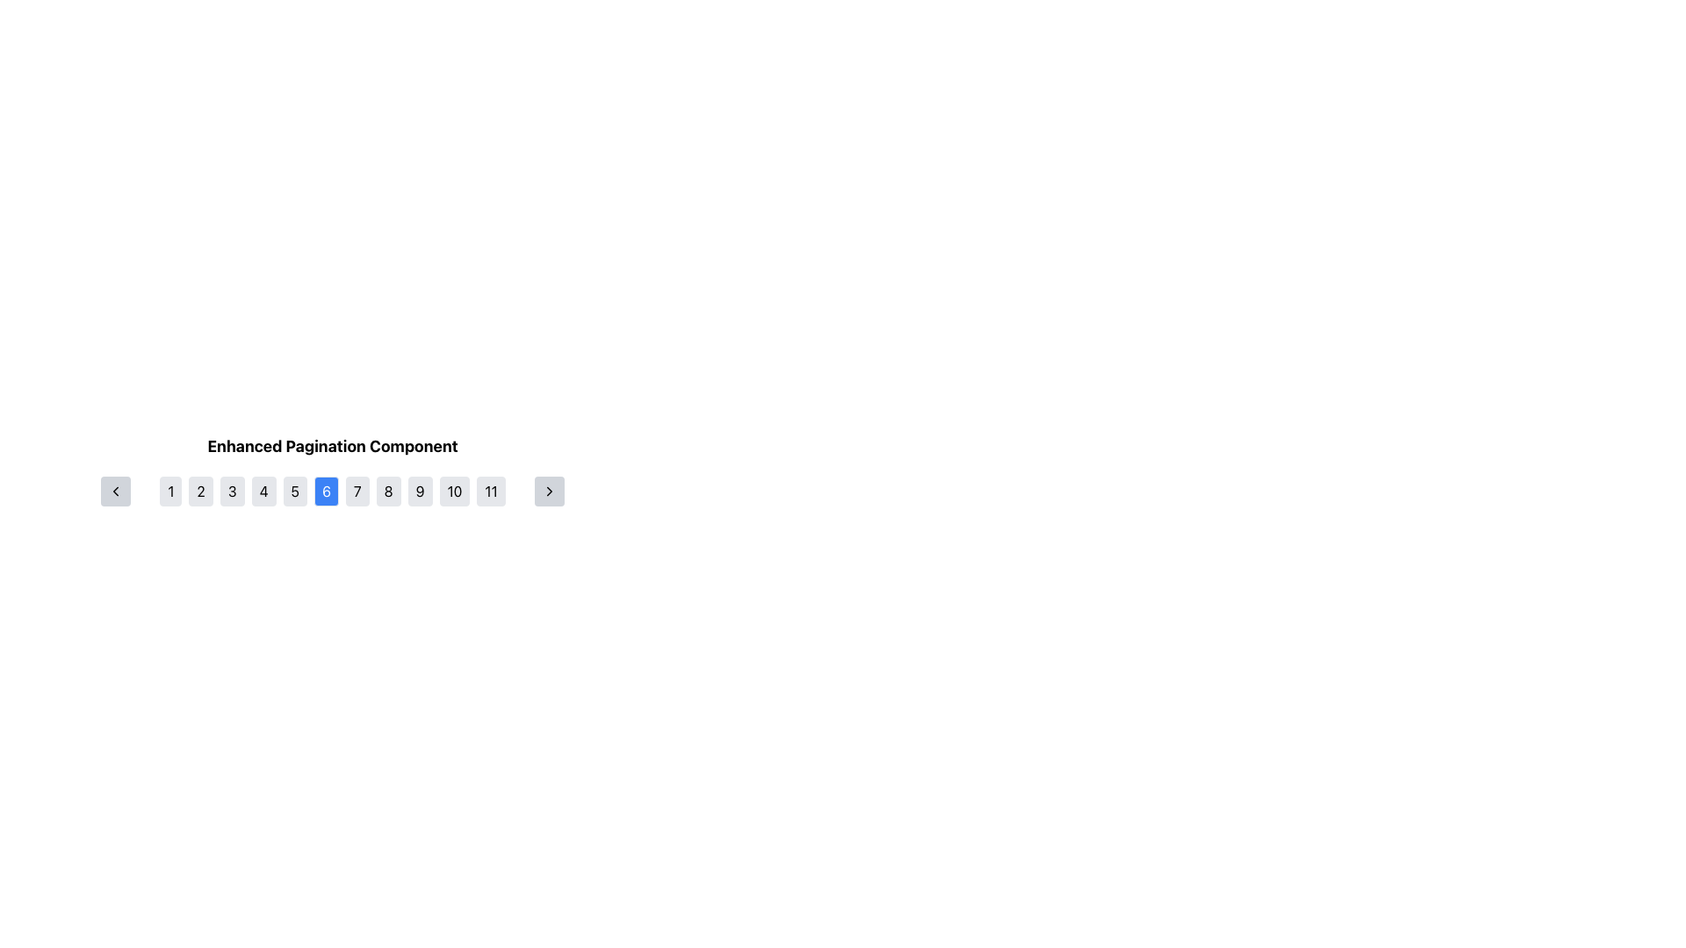 Image resolution: width=1686 pixels, height=948 pixels. What do you see at coordinates (295, 491) in the screenshot?
I see `the pagination button labeled '5'` at bounding box center [295, 491].